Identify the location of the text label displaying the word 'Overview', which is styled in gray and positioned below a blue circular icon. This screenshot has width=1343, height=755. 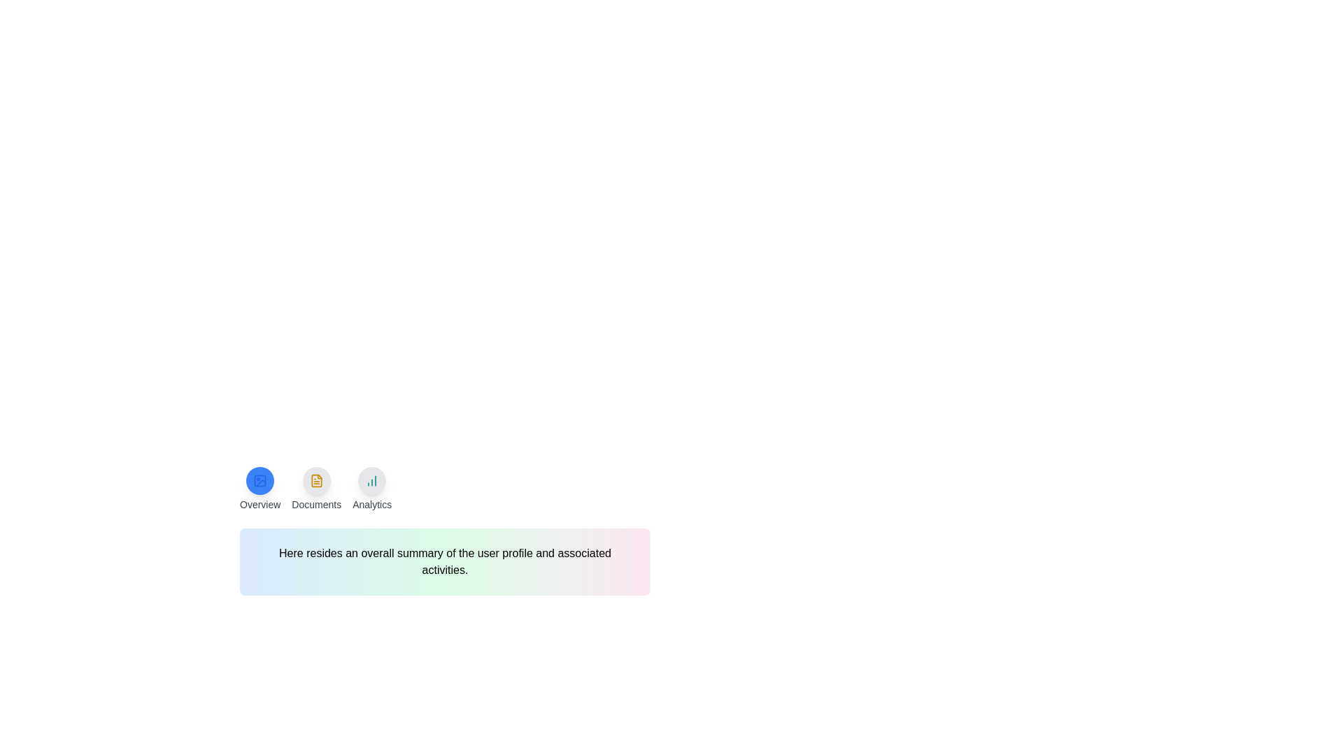
(260, 504).